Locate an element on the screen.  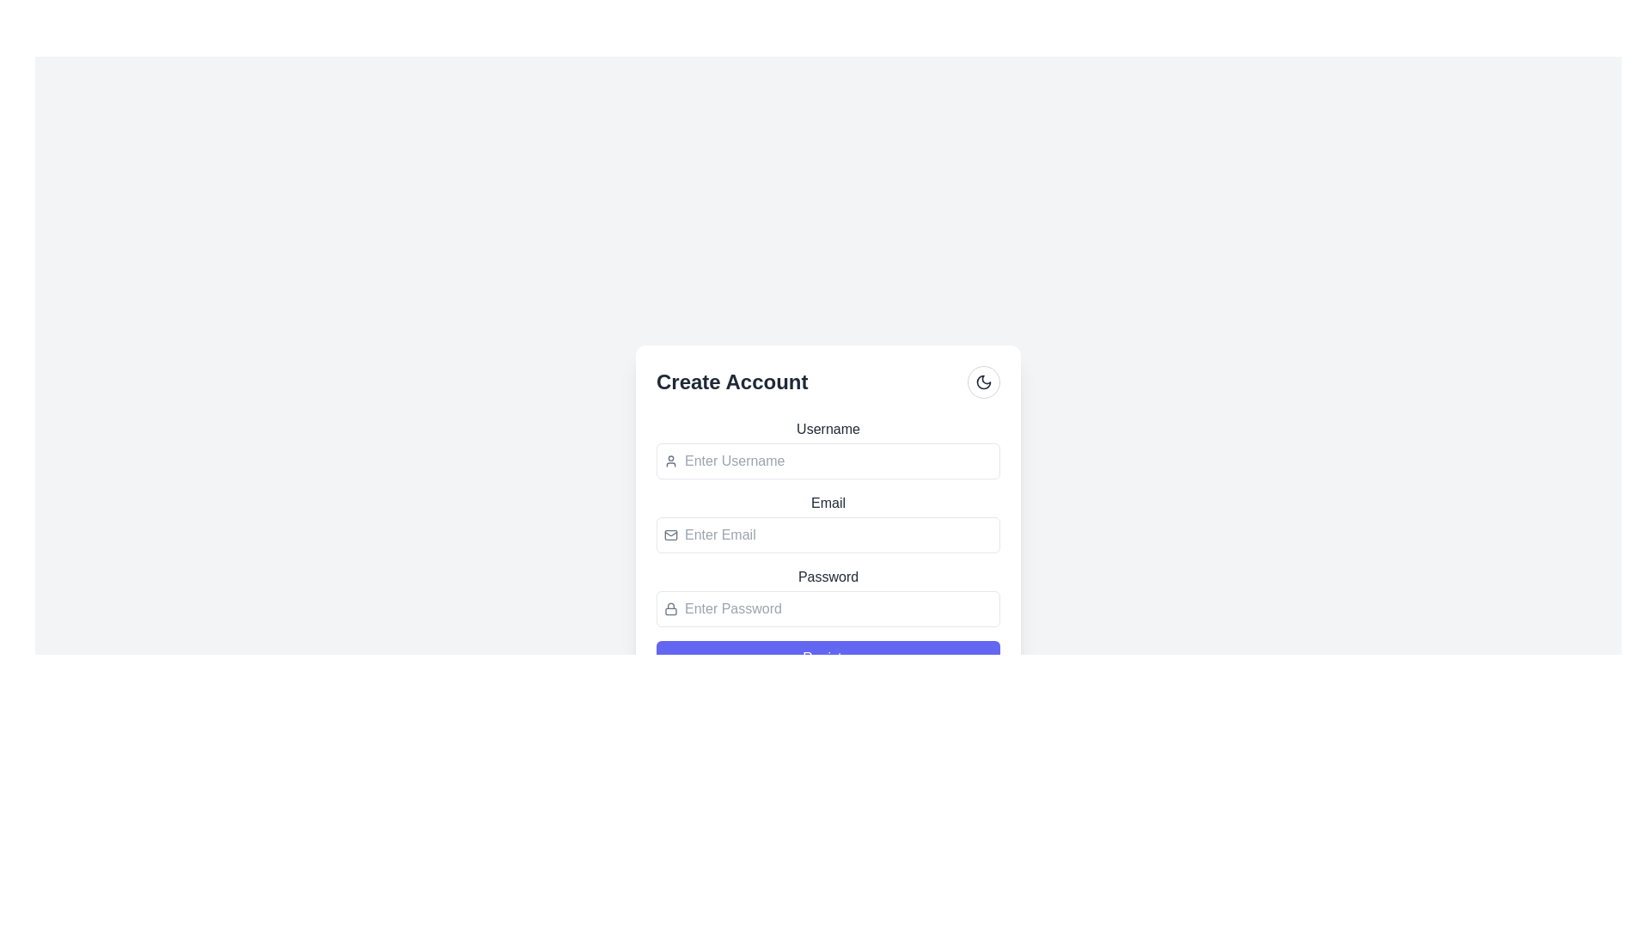
the dark mode toggle icon located in the top-right corner of the 'Create Account' form box to change the theme is located at coordinates (984, 381).